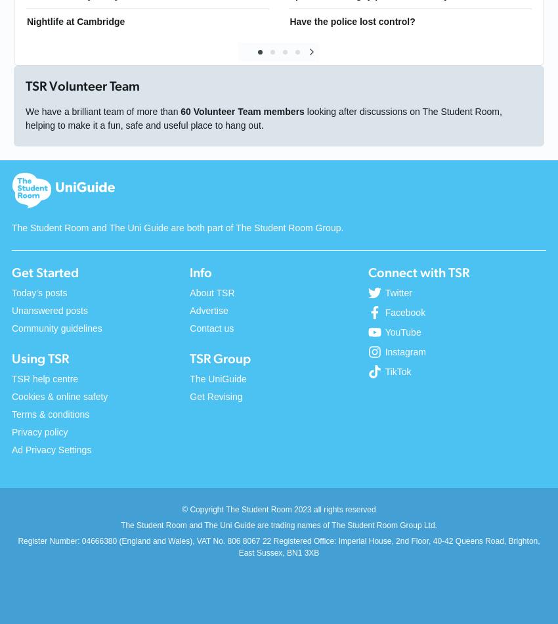 The image size is (558, 624). Describe the element at coordinates (241, 111) in the screenshot. I see `'60 Volunteer Team members'` at that location.